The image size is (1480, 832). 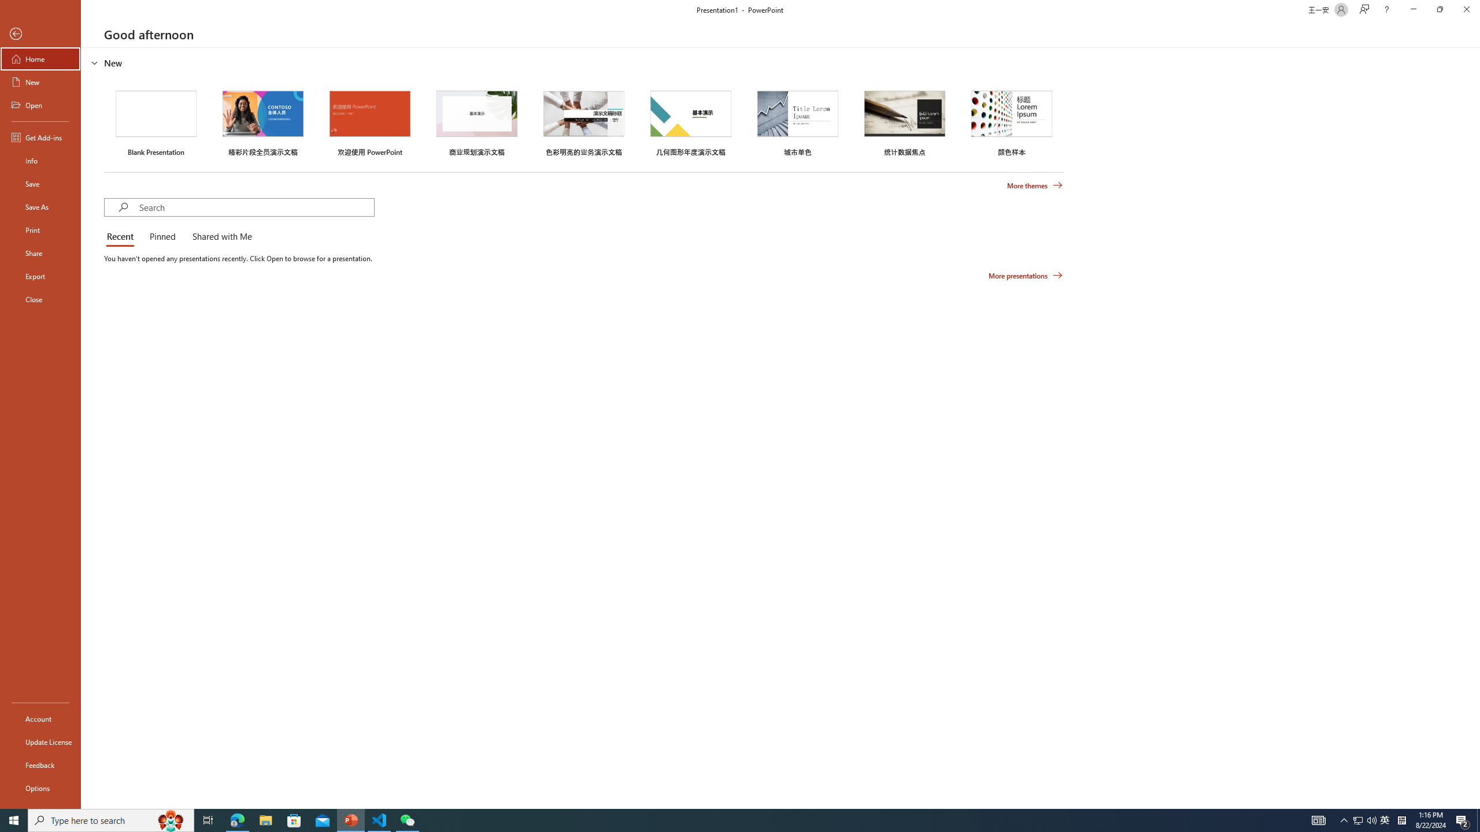 I want to click on 'More themes', so click(x=1034, y=185).